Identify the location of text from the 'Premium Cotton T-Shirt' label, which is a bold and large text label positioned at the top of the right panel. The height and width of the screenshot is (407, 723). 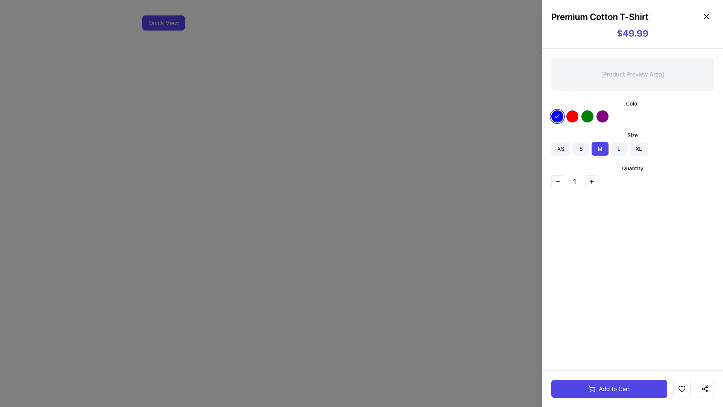
(599, 16).